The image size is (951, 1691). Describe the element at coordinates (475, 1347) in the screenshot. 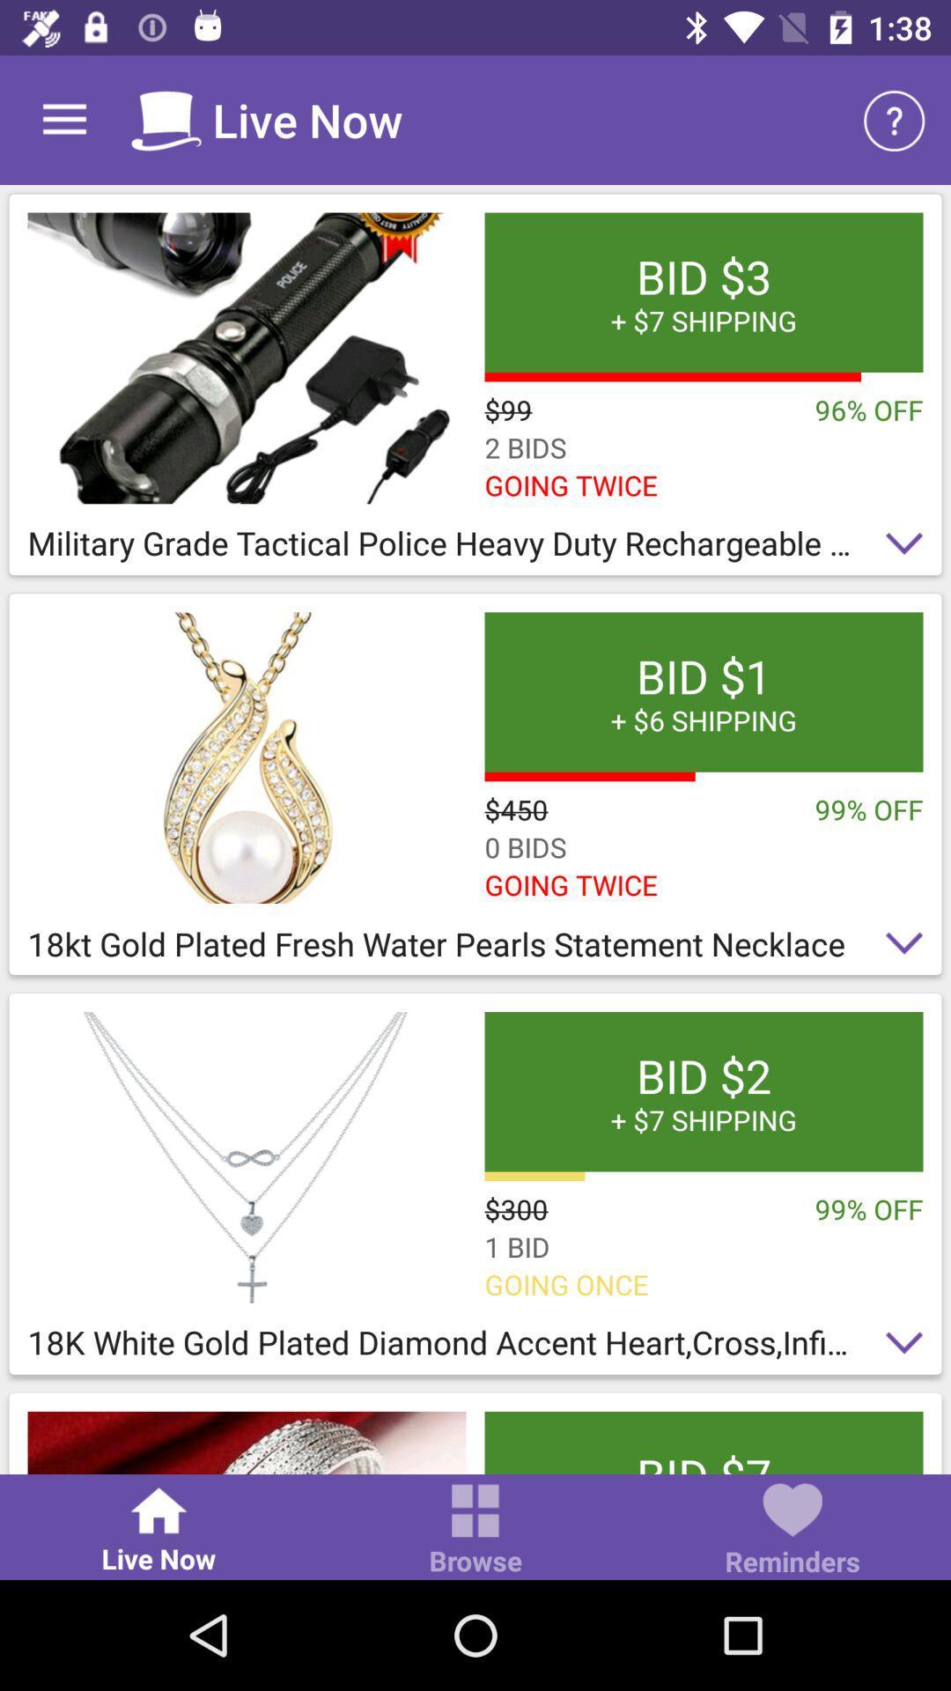

I see `the 18k white gold item` at that location.